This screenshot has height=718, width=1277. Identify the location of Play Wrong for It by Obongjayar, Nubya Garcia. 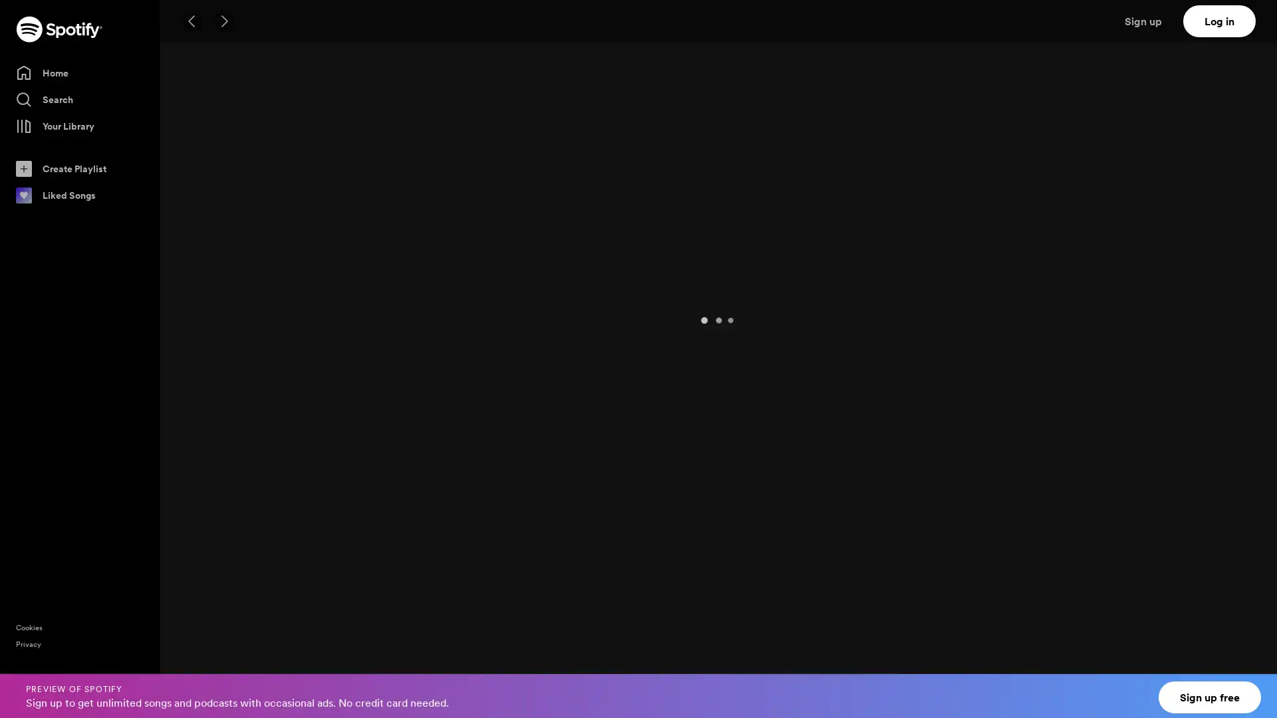
(198, 572).